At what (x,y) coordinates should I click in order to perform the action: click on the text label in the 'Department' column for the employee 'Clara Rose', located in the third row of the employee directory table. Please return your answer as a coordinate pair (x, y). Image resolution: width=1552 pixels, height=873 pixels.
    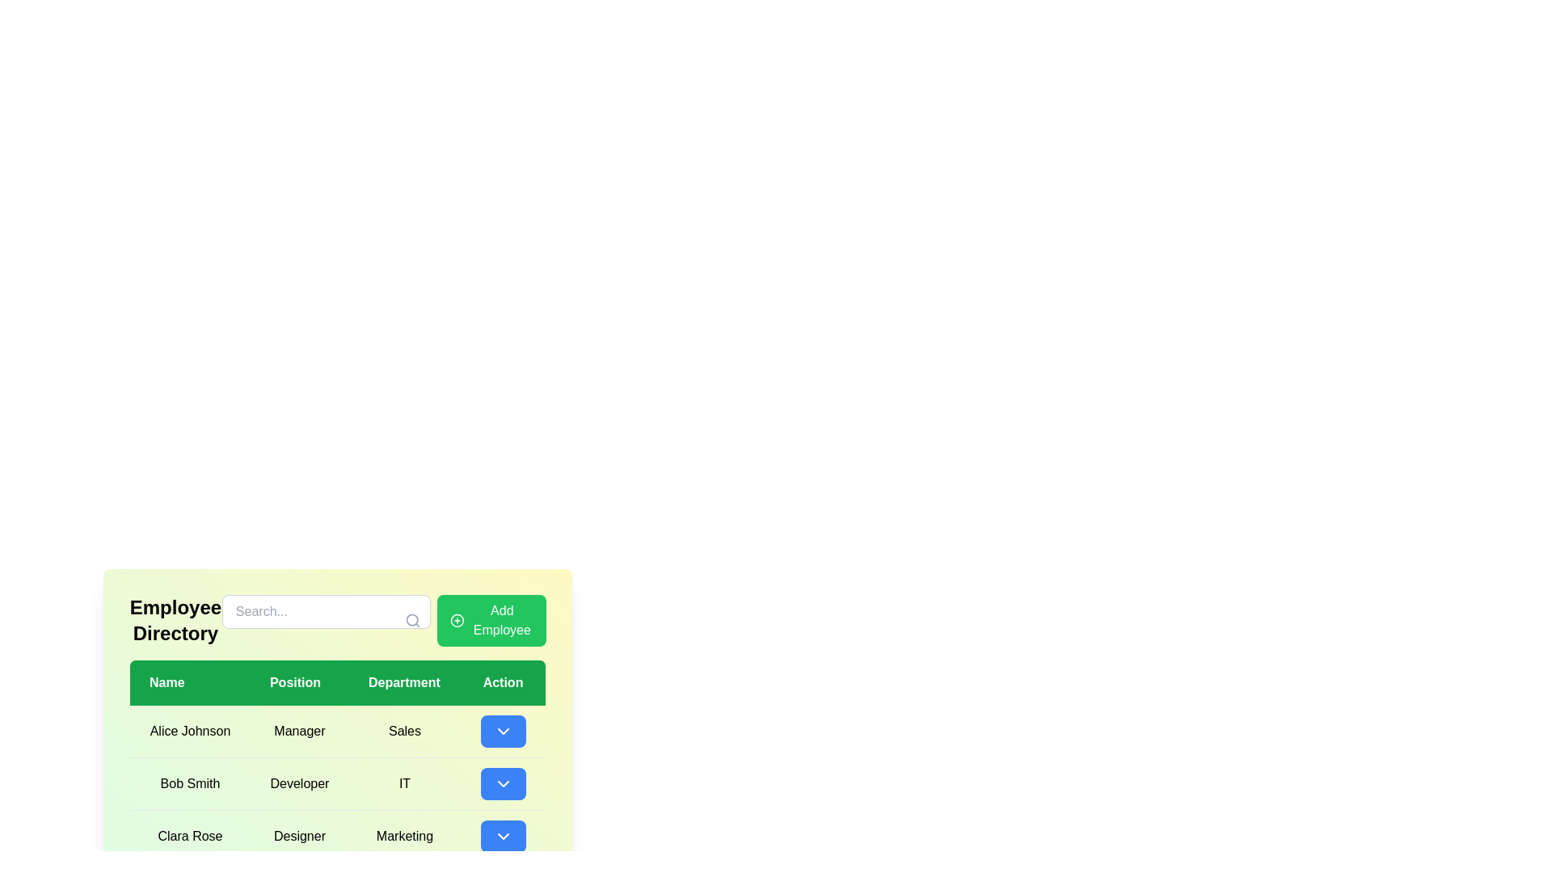
    Looking at the image, I should click on (404, 836).